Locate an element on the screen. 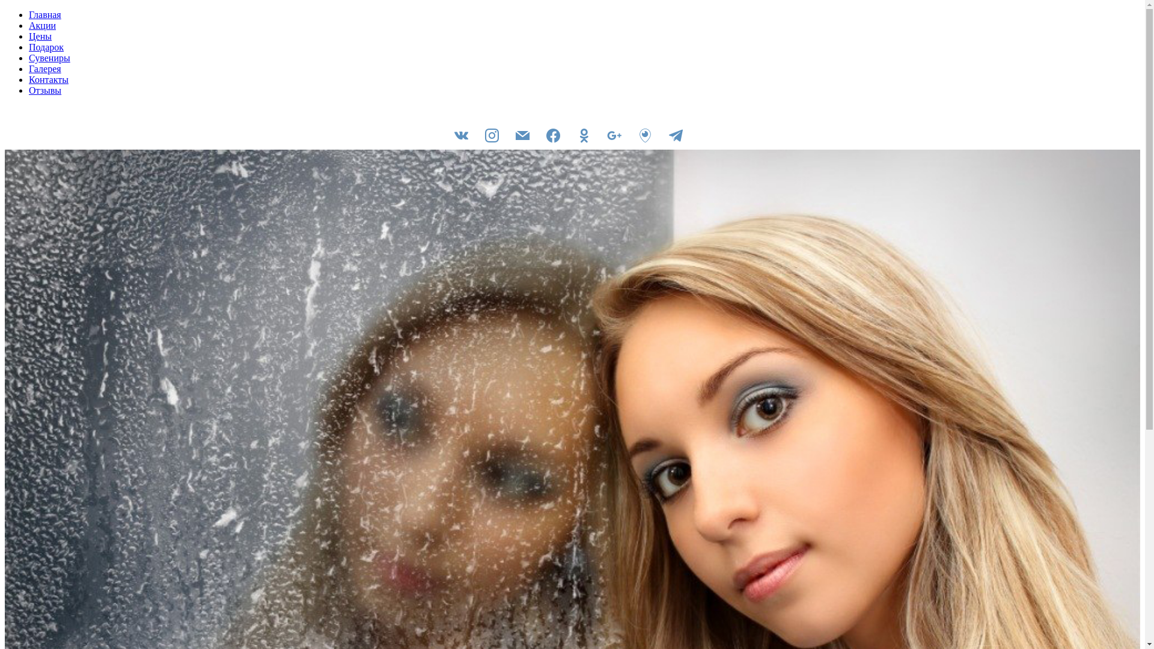 The width and height of the screenshot is (1154, 649). 'vkontakte' is located at coordinates (460, 134).